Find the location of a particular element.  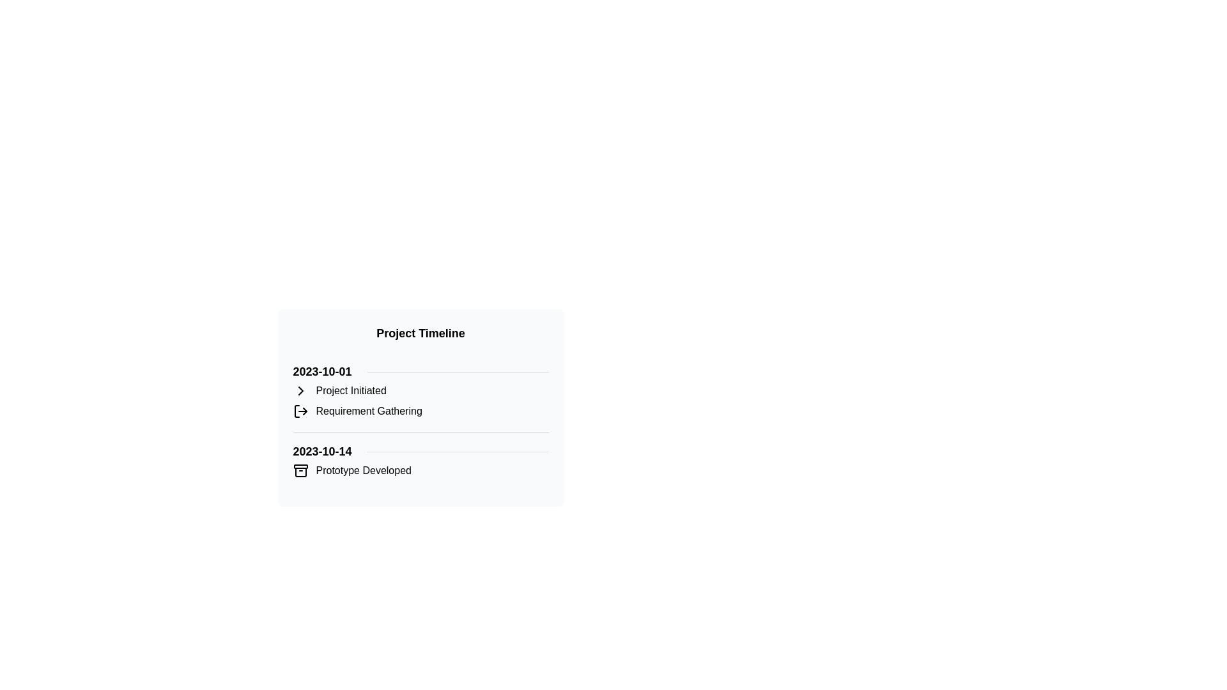

the right-facing chevron icon located to the left of the text 'Project Initiated' is located at coordinates (300, 390).